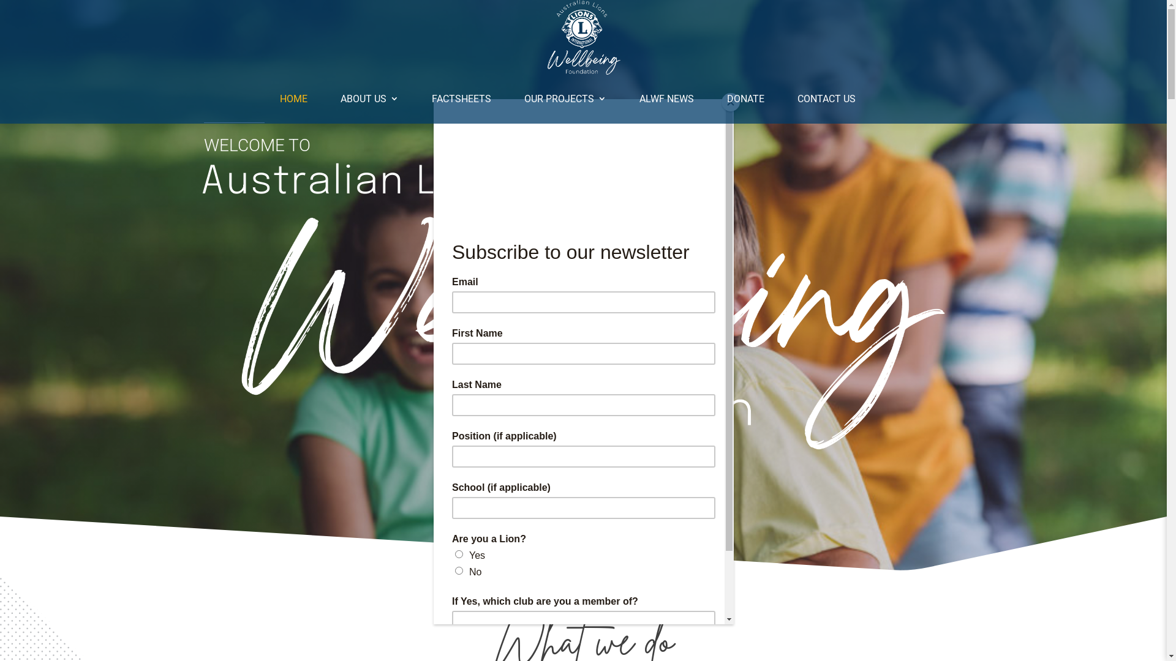 Image resolution: width=1176 pixels, height=661 pixels. I want to click on 'OUR PROJECTS', so click(564, 99).